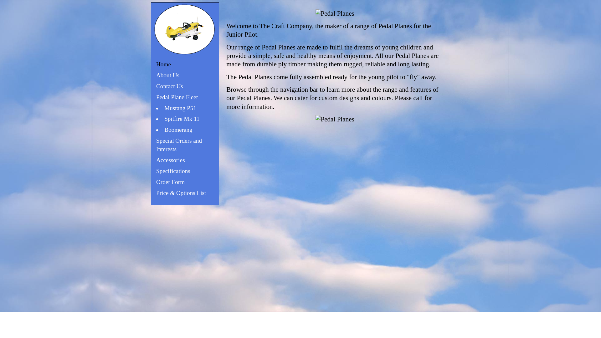  Describe the element at coordinates (170, 182) in the screenshot. I see `'Order Form'` at that location.